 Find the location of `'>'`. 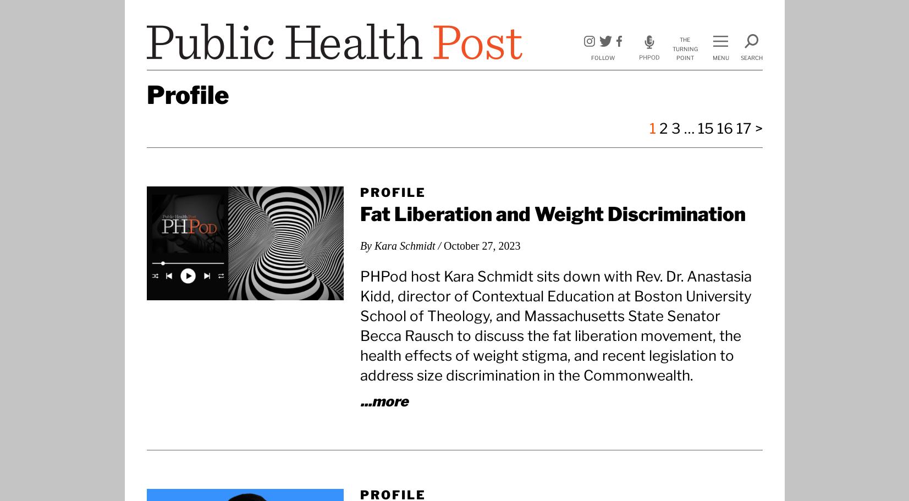

'>' is located at coordinates (758, 128).